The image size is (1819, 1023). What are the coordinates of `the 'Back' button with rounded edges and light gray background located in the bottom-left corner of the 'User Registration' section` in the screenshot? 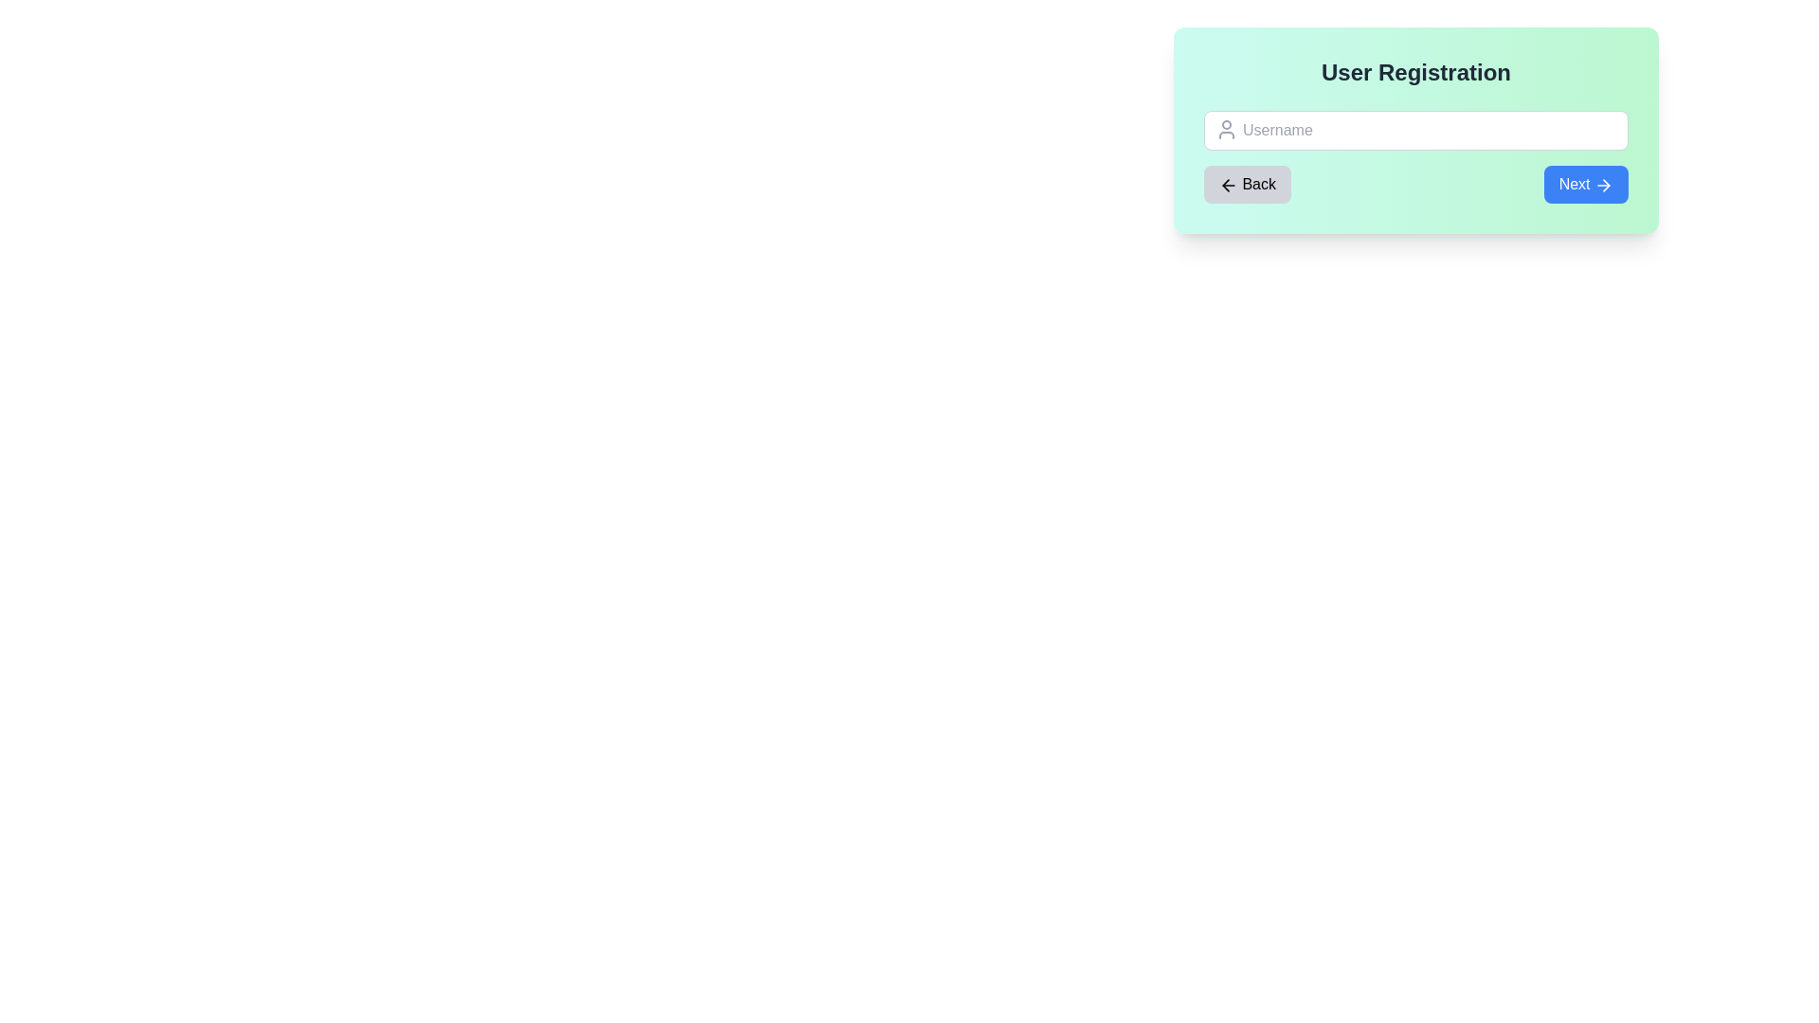 It's located at (1247, 185).